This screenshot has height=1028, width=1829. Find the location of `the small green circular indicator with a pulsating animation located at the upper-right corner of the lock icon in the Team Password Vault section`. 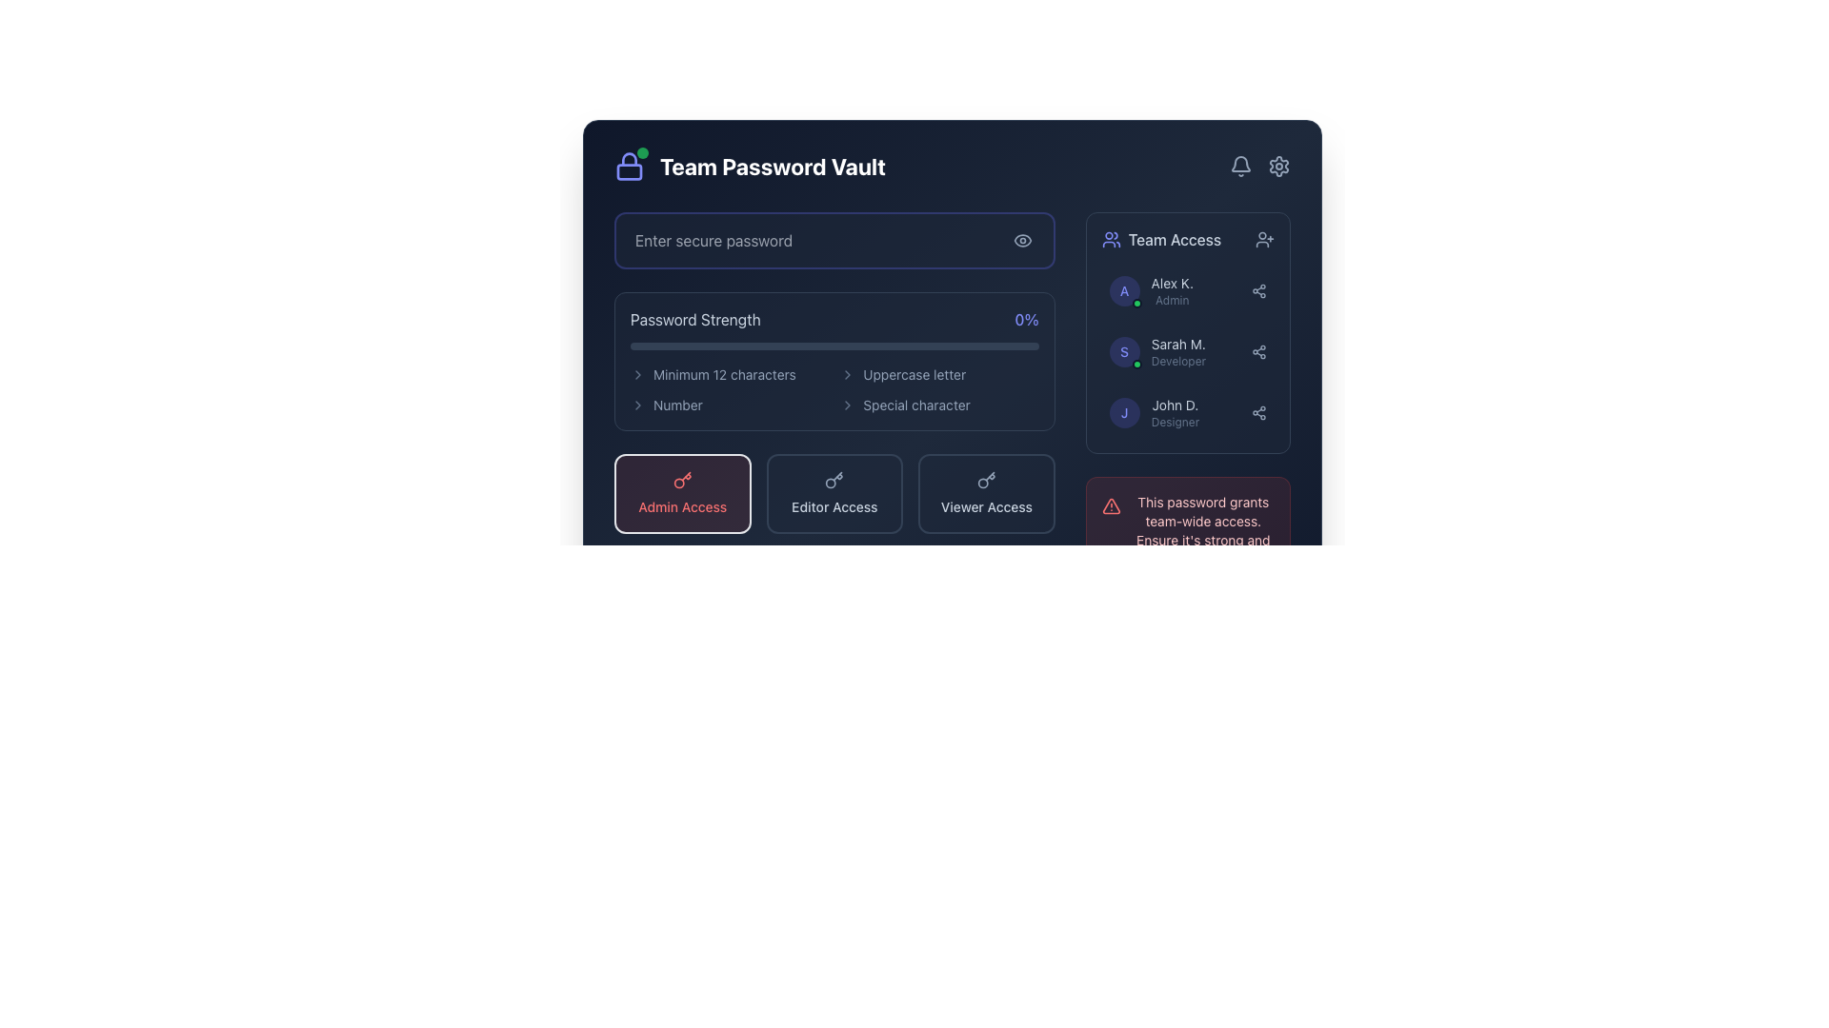

the small green circular indicator with a pulsating animation located at the upper-right corner of the lock icon in the Team Password Vault section is located at coordinates (643, 152).